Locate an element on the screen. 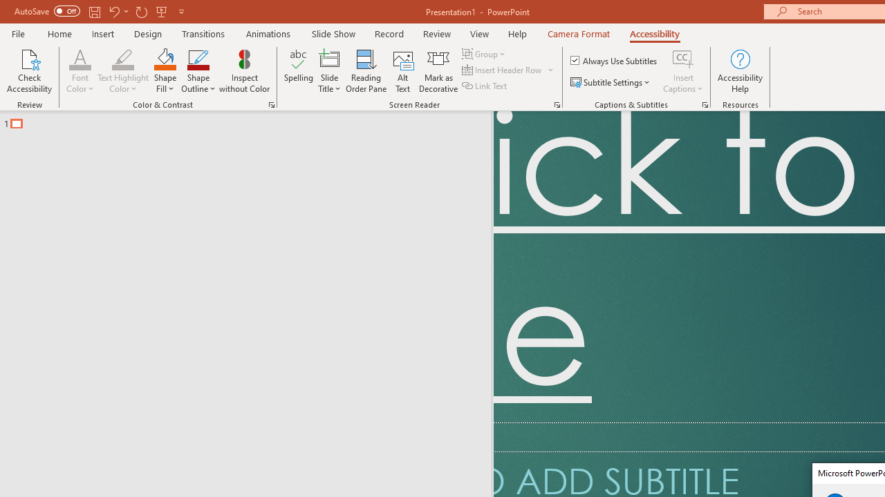 The height and width of the screenshot is (497, 885). 'Slide Title' is located at coordinates (328, 71).